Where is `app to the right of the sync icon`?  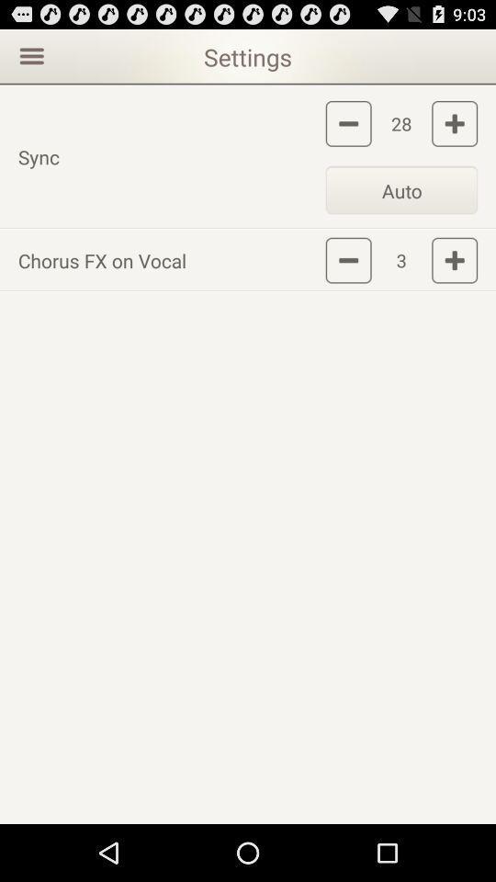
app to the right of the sync icon is located at coordinates (400, 189).